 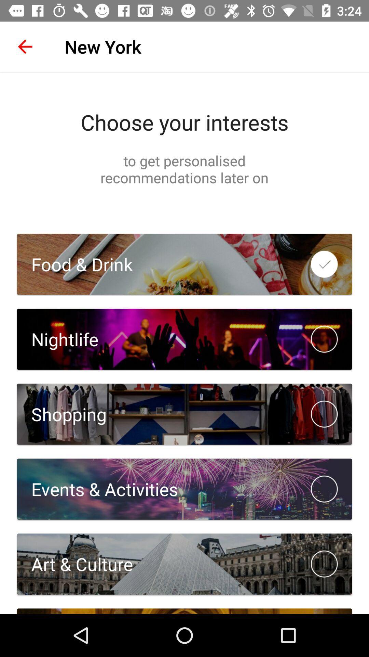 What do you see at coordinates (25, 46) in the screenshot?
I see `the item to the left of the new york item` at bounding box center [25, 46].